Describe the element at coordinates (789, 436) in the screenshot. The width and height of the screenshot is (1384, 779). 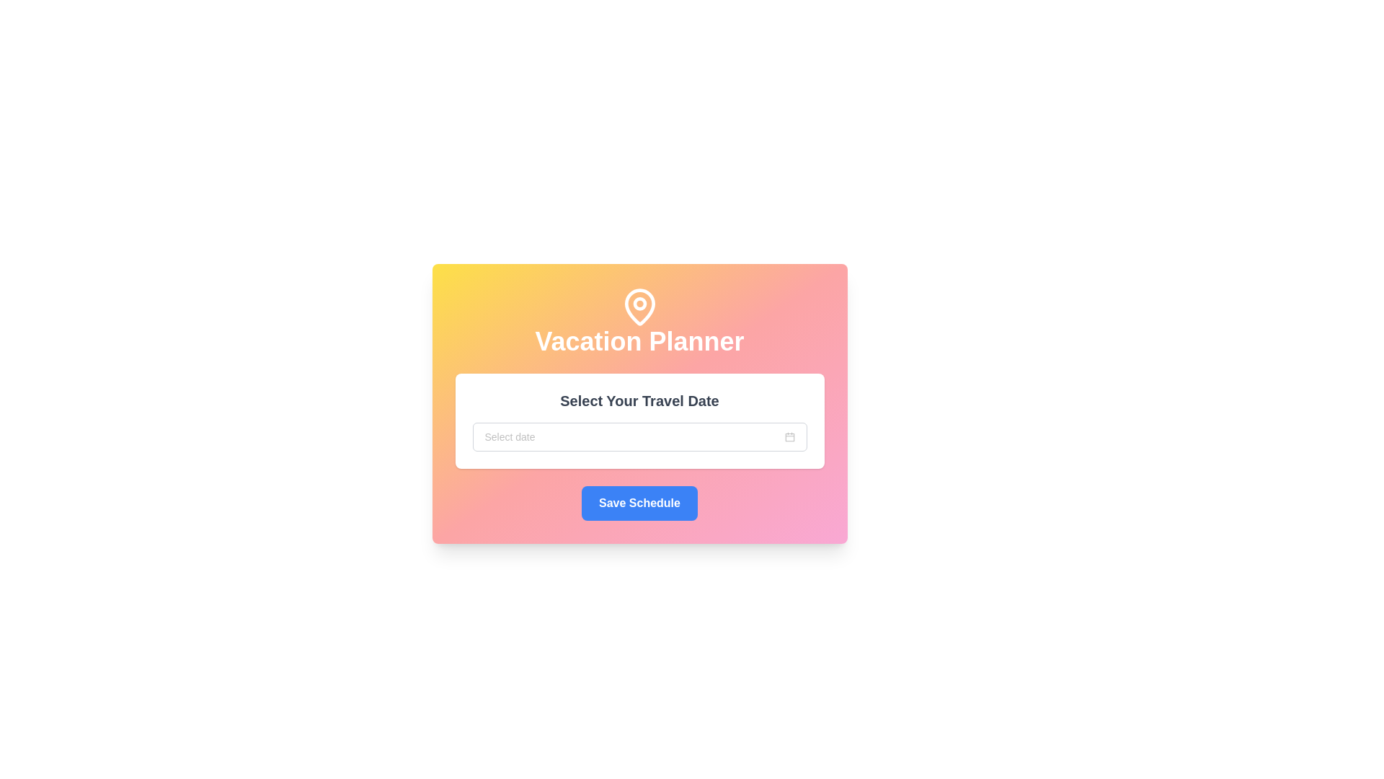
I see `the icon button located on the rightmost side of the date picker input field` at that location.